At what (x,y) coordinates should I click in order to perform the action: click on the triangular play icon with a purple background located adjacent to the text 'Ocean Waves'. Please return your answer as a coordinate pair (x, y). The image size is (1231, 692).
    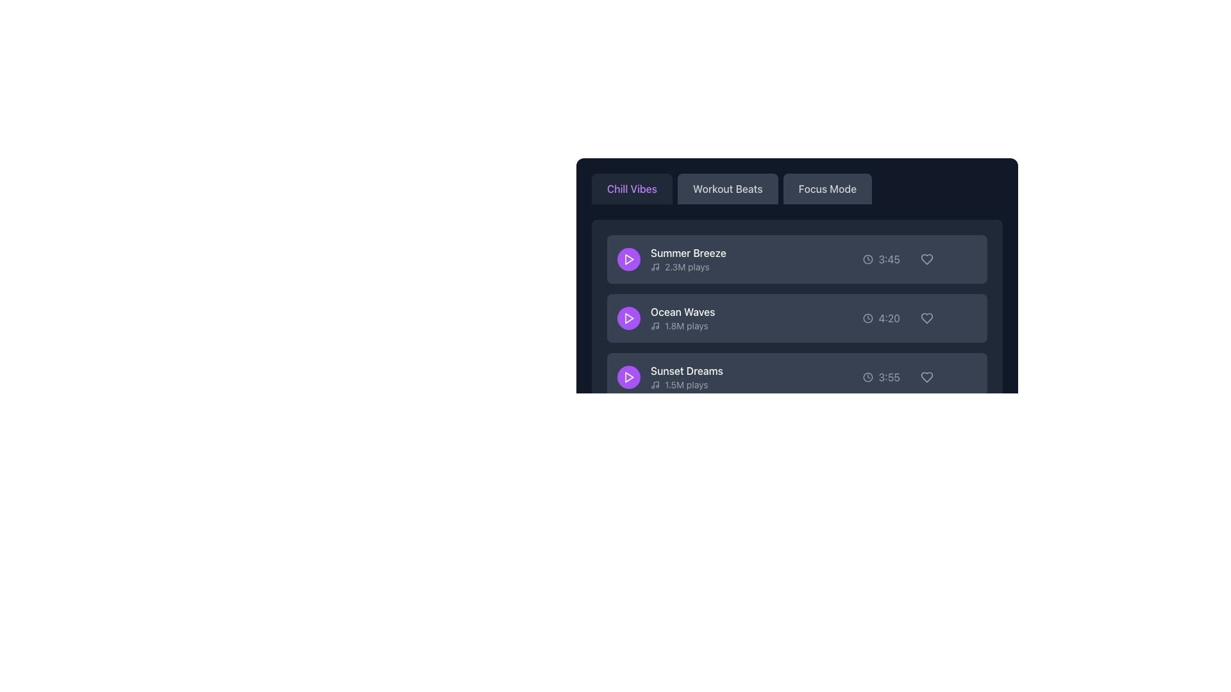
    Looking at the image, I should click on (629, 318).